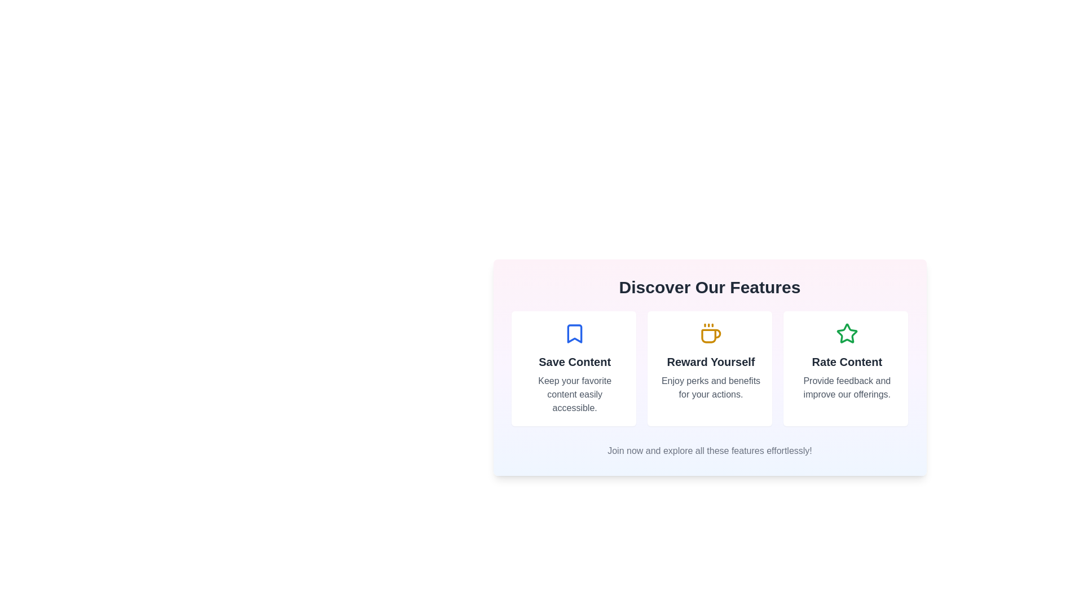  Describe the element at coordinates (710, 361) in the screenshot. I see `the text label that introduces and summarizes the associated feature, located in the middle column of a three-column layout, beneath a coffee mug icon` at that location.